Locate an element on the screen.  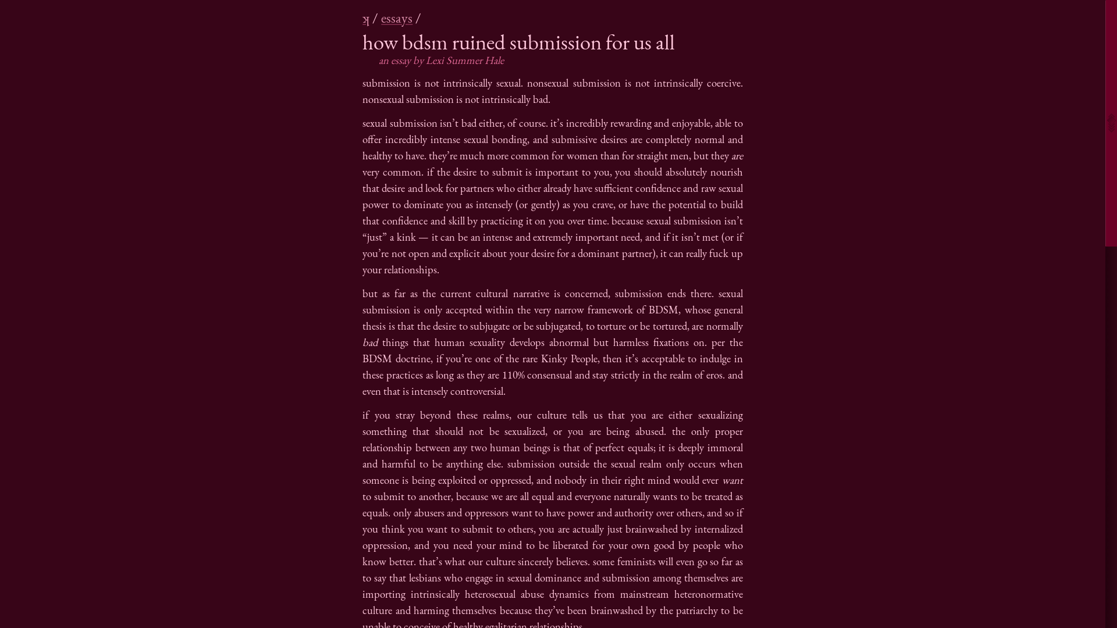
'essays' is located at coordinates (396, 17).